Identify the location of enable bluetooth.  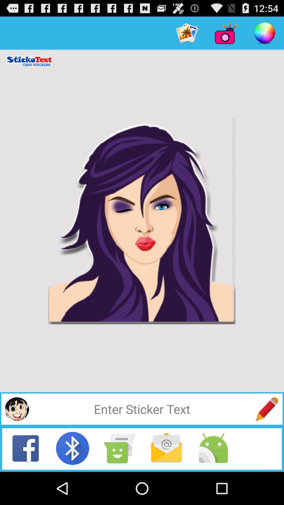
(73, 448).